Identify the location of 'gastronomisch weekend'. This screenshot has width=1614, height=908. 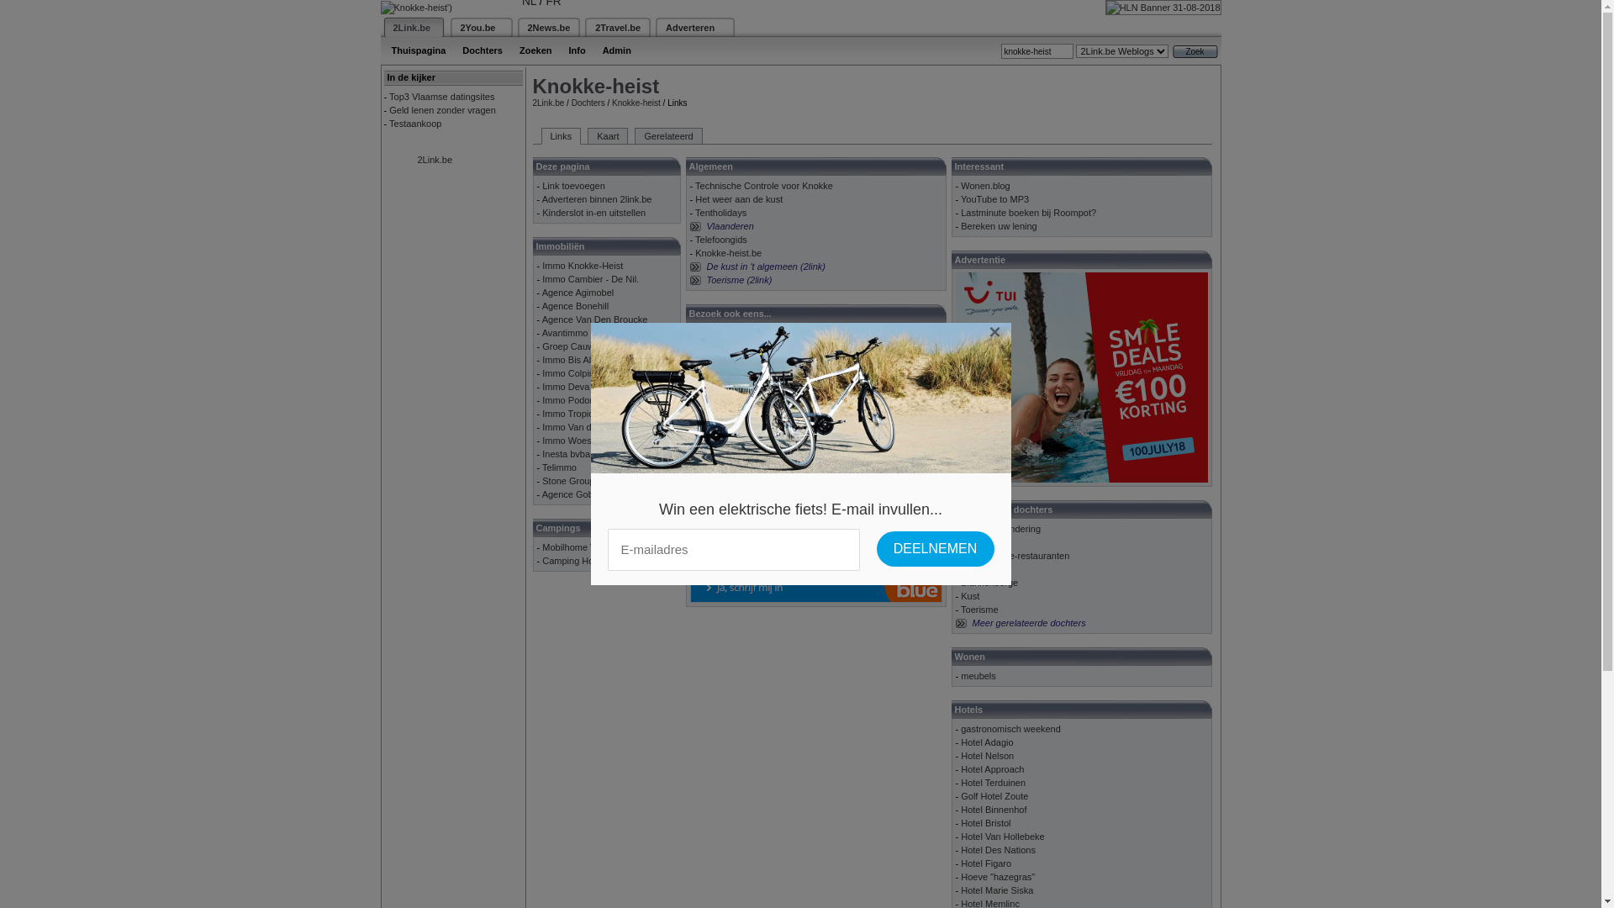
(960, 728).